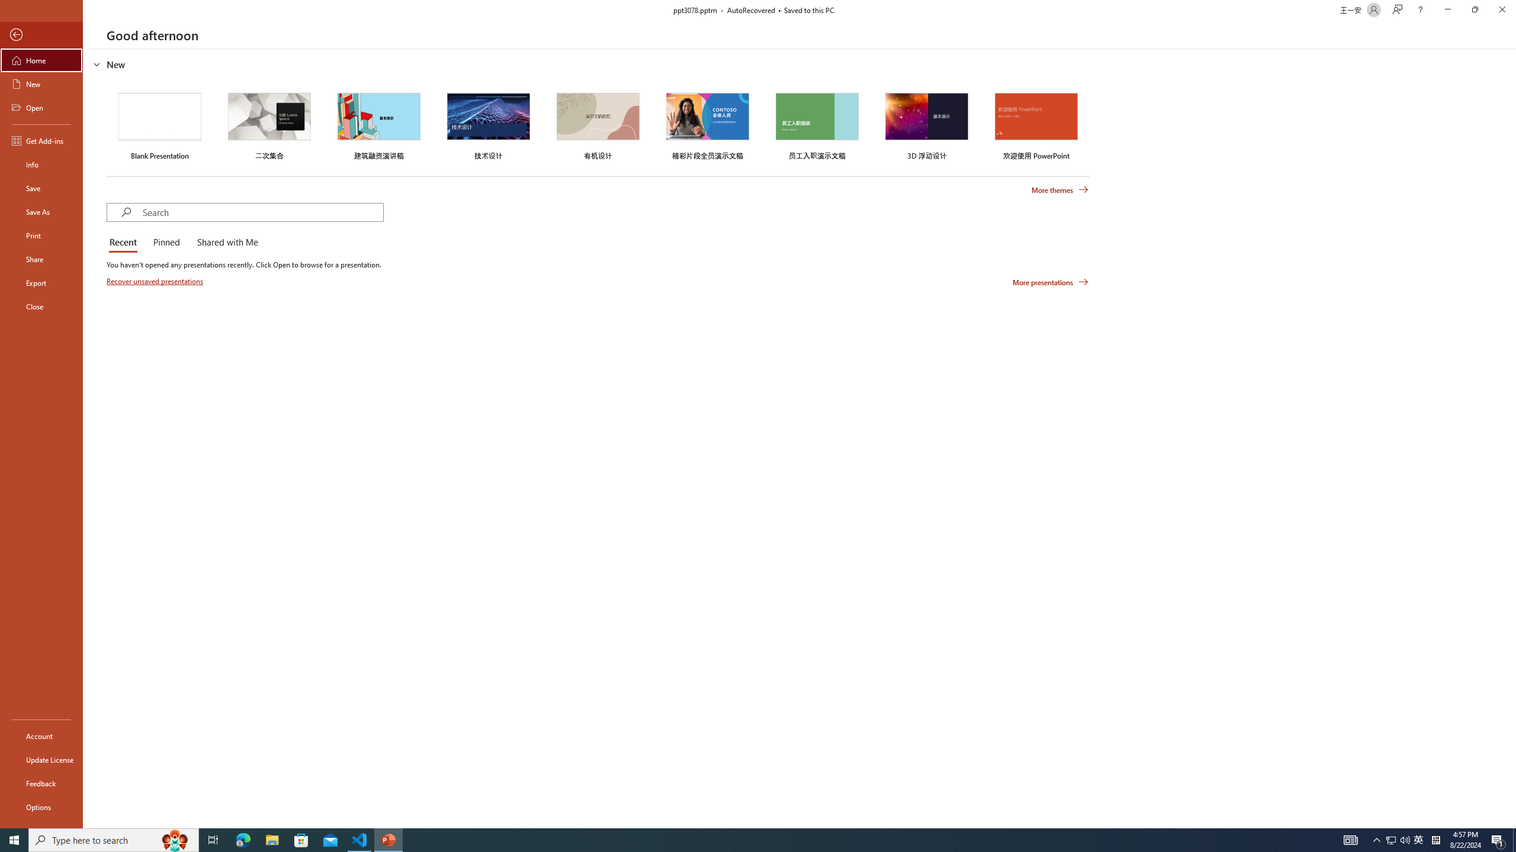  Describe the element at coordinates (41, 83) in the screenshot. I see `'New'` at that location.